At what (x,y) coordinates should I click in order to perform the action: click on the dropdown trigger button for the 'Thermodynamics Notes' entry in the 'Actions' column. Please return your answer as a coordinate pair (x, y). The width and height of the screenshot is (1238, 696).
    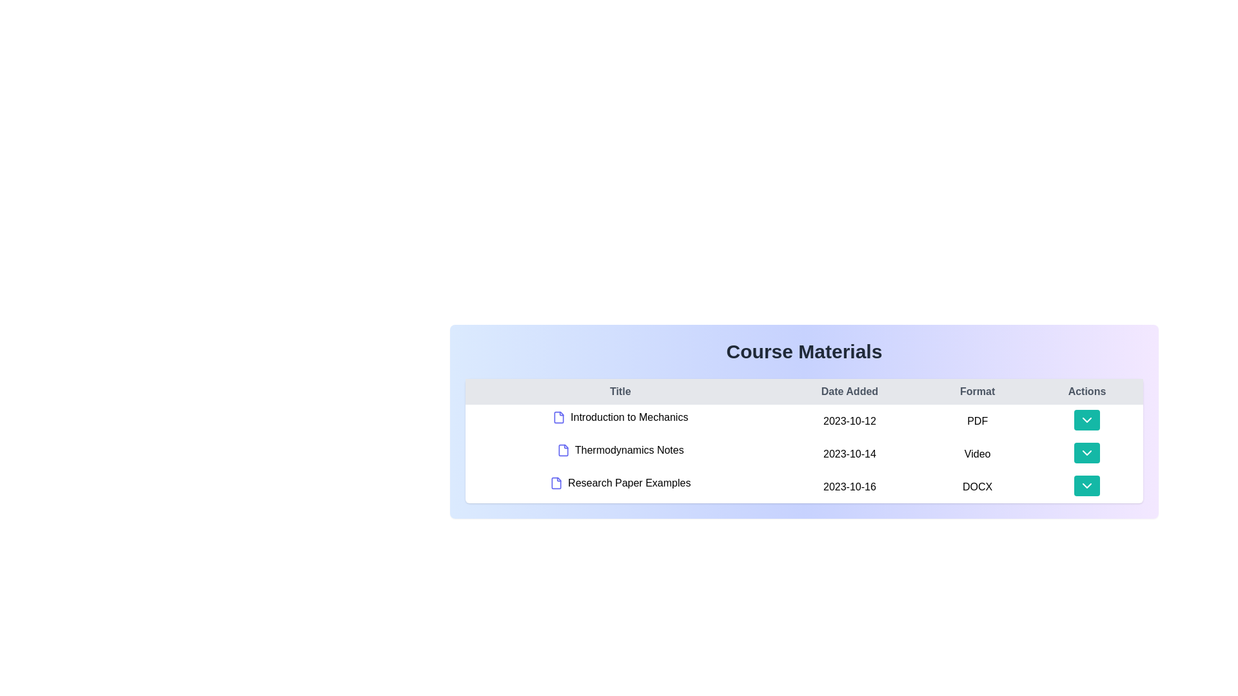
    Looking at the image, I should click on (1086, 452).